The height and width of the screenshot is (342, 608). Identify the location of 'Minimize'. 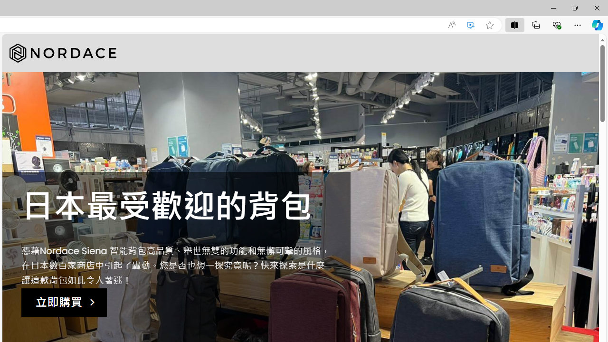
(553, 8).